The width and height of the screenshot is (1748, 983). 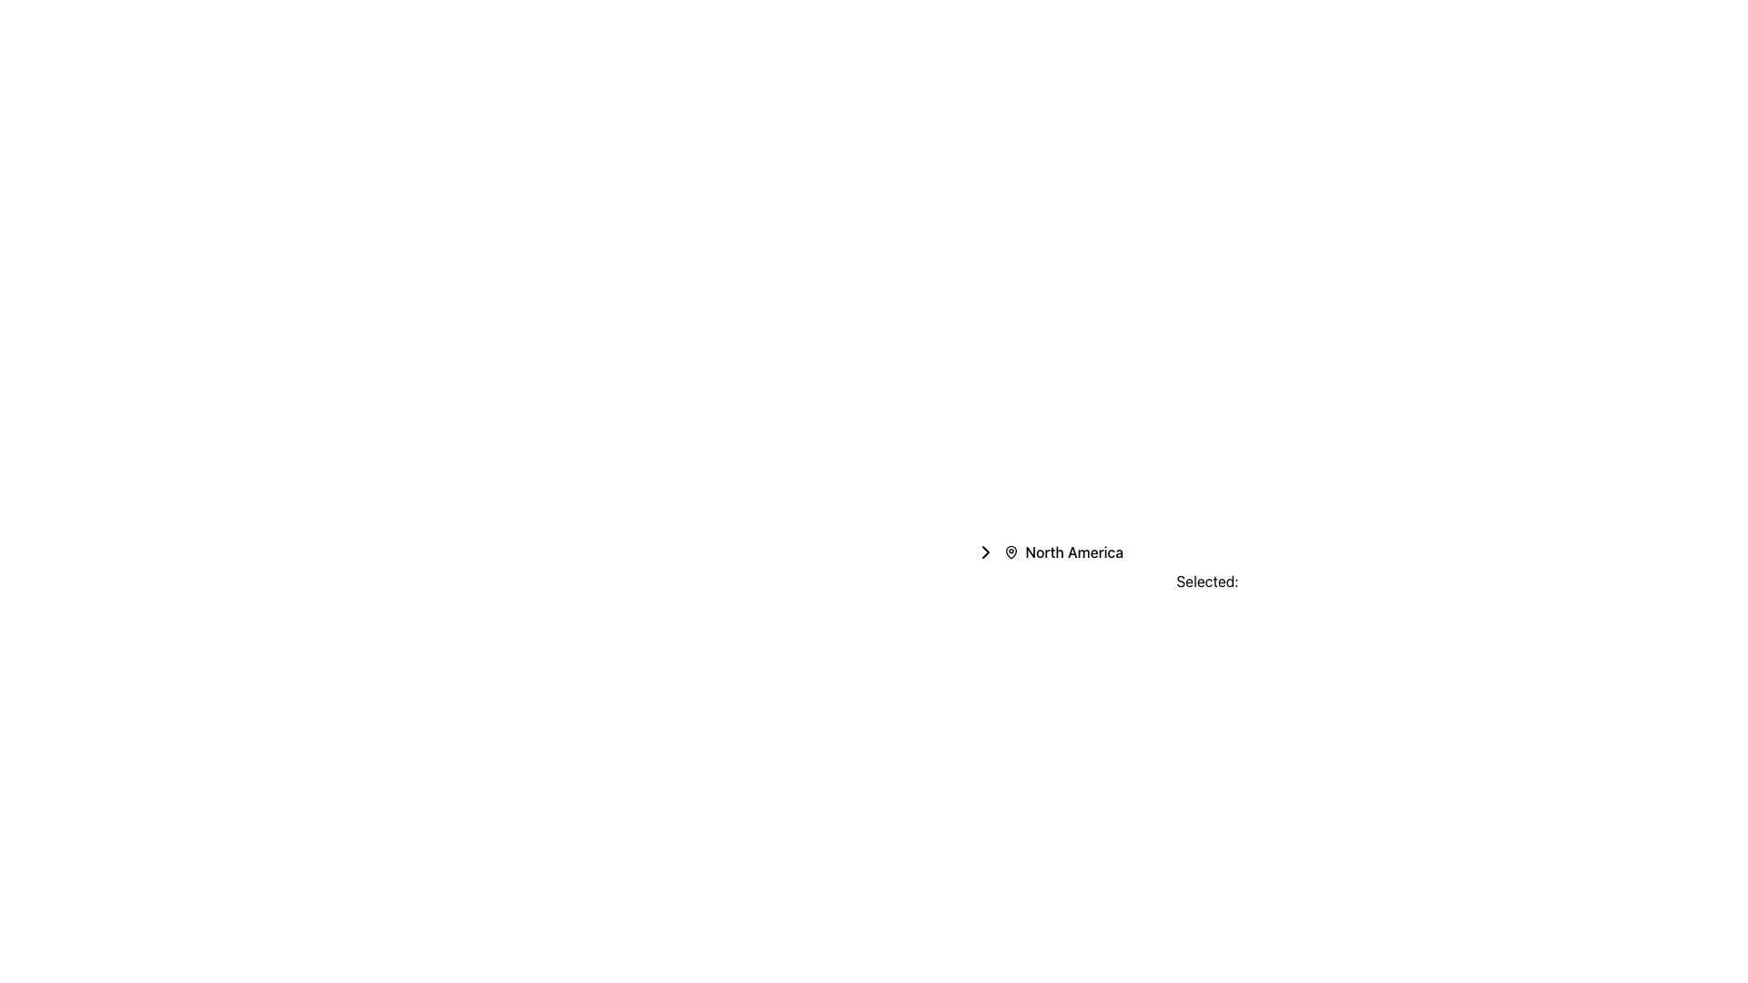 I want to click on the minimalist map pin icon located to the left of the text 'North America' for informational purposes, so click(x=1010, y=551).